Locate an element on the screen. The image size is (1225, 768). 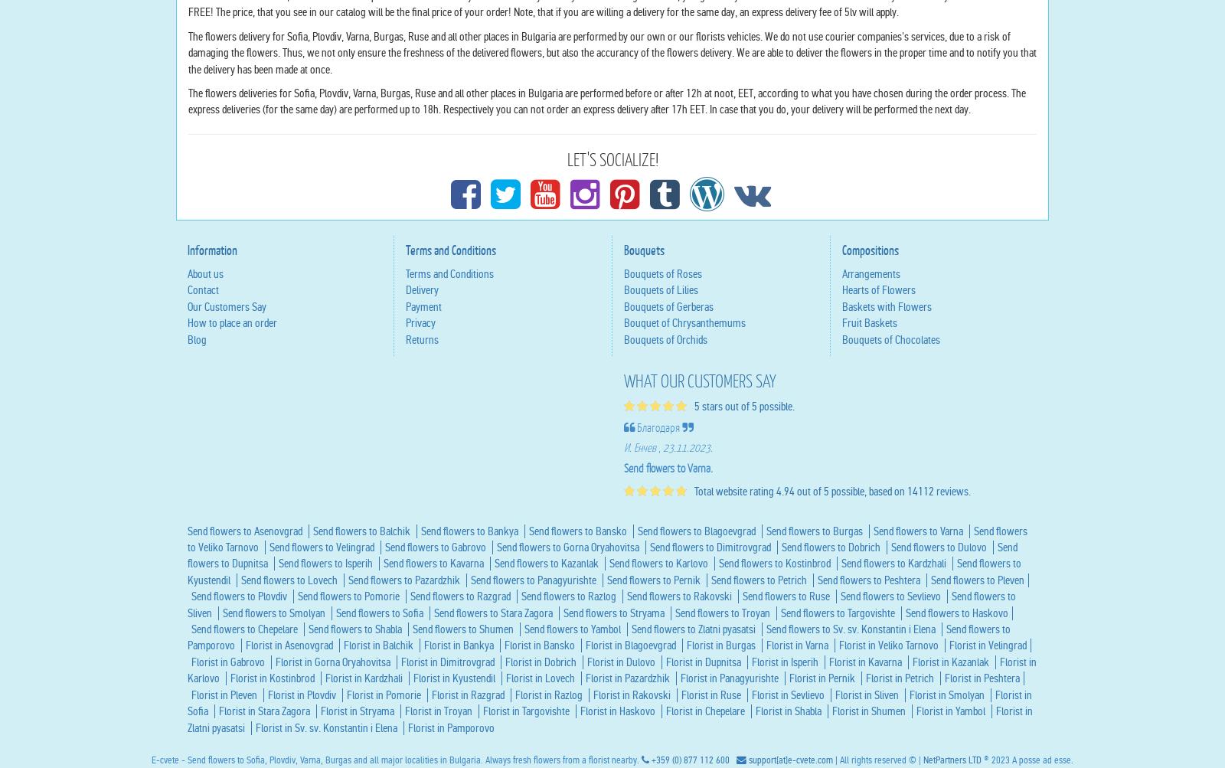
'5' is located at coordinates (753, 552).